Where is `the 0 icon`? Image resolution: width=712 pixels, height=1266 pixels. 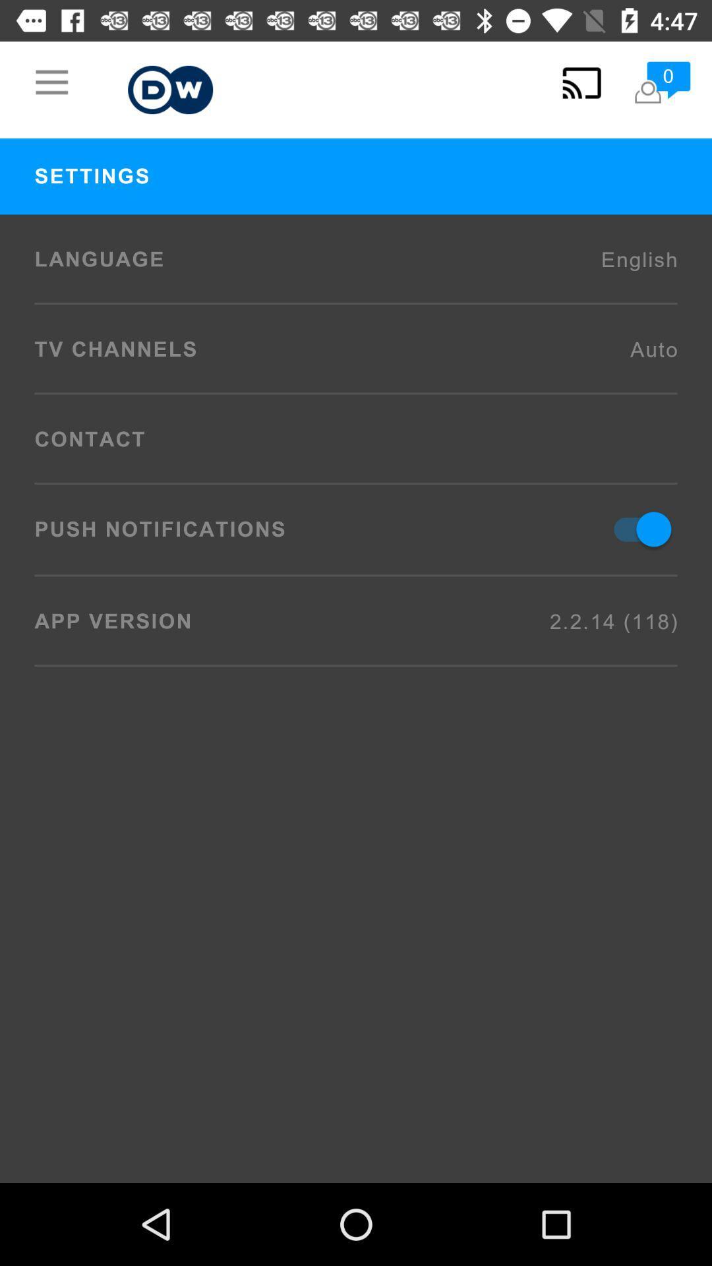 the 0 icon is located at coordinates (661, 82).